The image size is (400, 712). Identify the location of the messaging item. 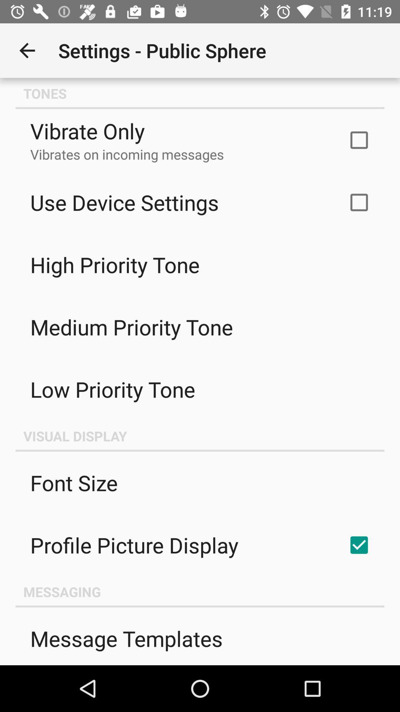
(200, 591).